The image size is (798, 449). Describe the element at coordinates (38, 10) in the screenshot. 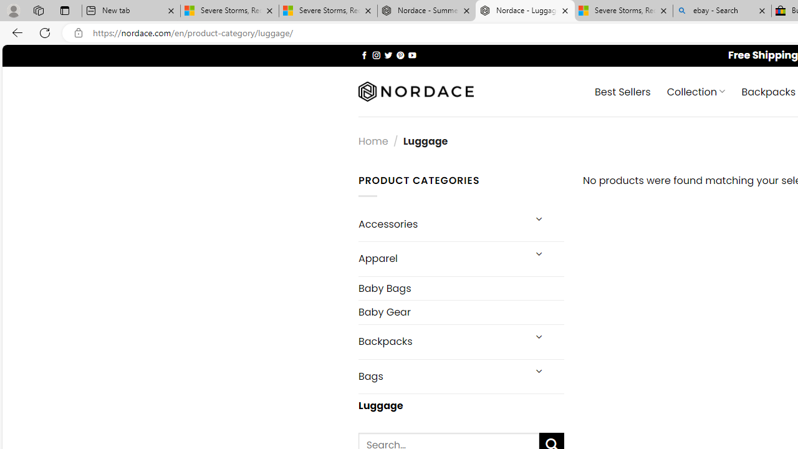

I see `'Workspaces'` at that location.